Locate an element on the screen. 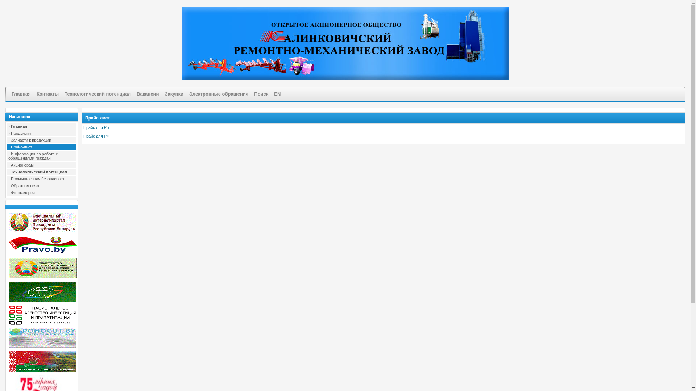 The height and width of the screenshot is (391, 696). 'EN' is located at coordinates (277, 94).